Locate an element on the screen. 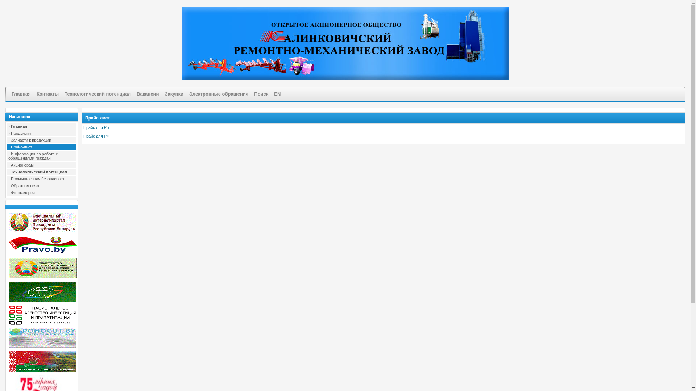 The height and width of the screenshot is (391, 696). 'EN' is located at coordinates (277, 94).